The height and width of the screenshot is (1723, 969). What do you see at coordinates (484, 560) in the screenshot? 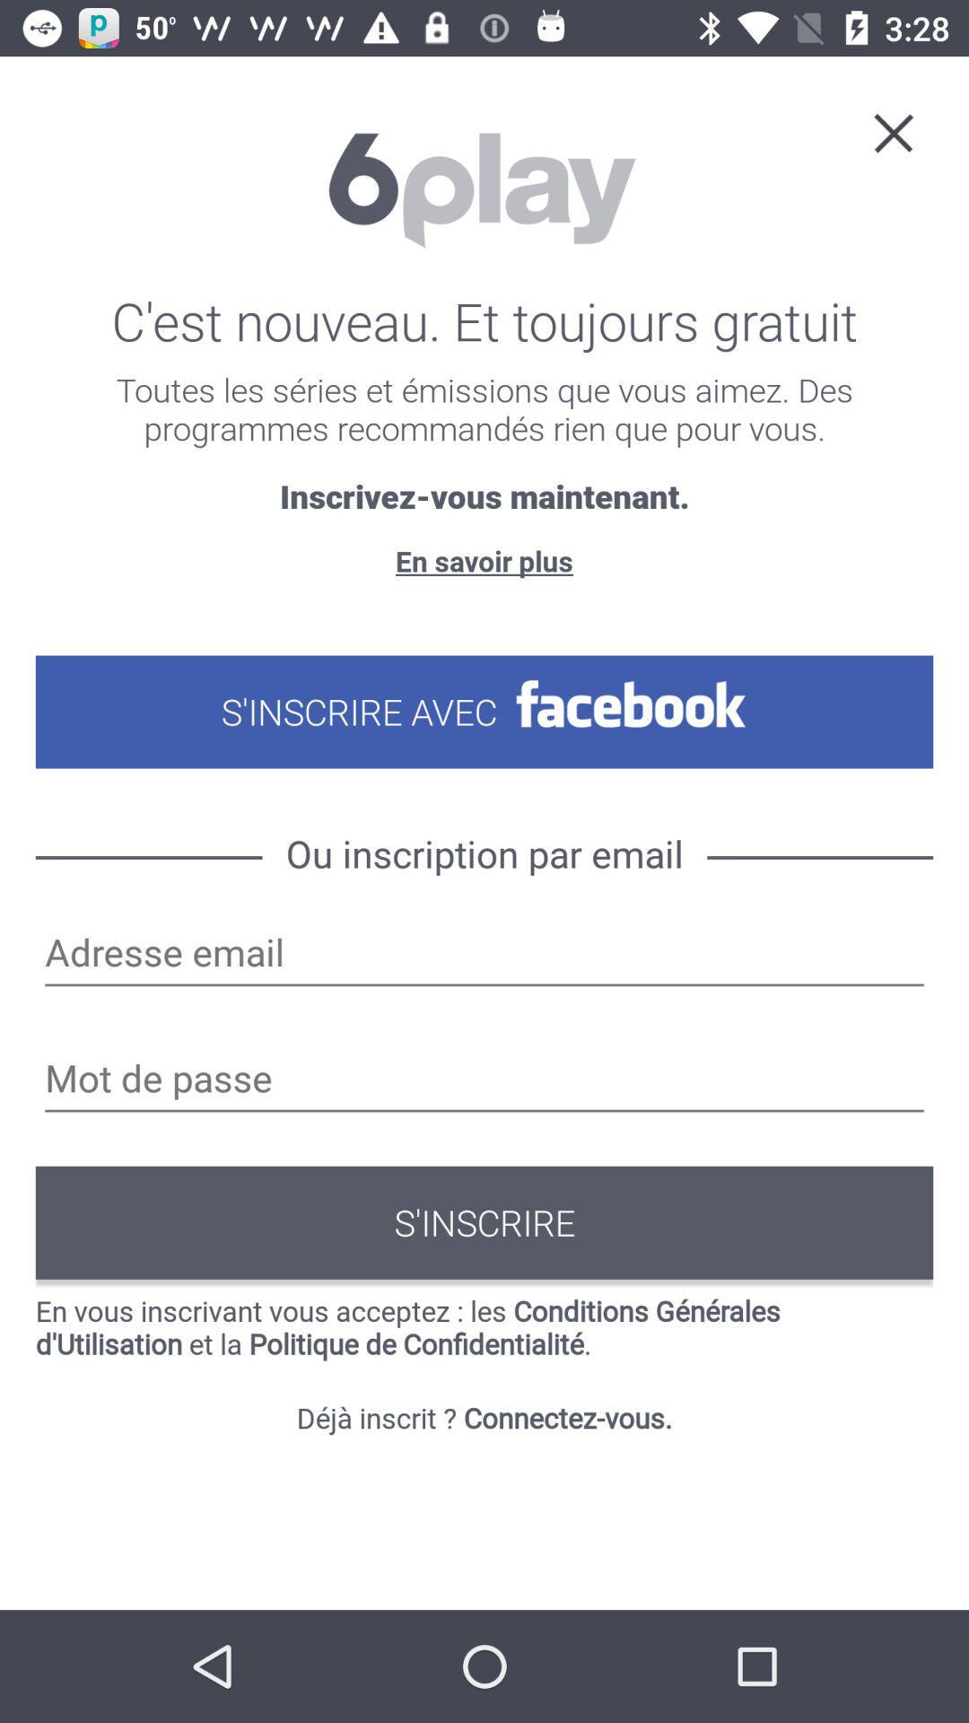
I see `the en savoir plus` at bounding box center [484, 560].